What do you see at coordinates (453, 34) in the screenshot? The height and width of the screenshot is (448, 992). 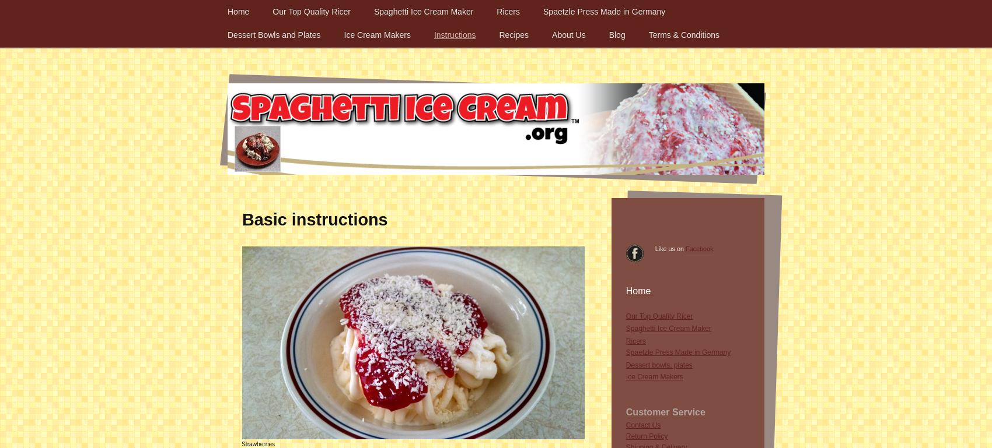 I see `'Instructions'` at bounding box center [453, 34].